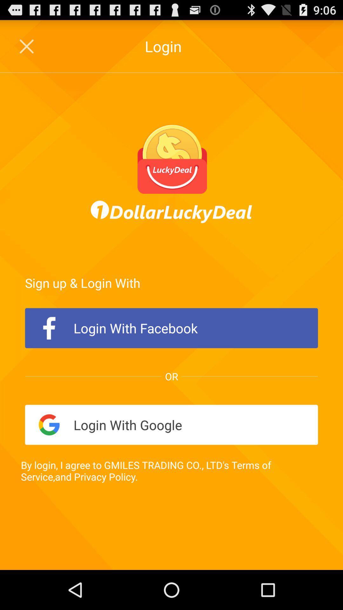 This screenshot has height=610, width=343. What do you see at coordinates (27, 46) in the screenshot?
I see `close` at bounding box center [27, 46].